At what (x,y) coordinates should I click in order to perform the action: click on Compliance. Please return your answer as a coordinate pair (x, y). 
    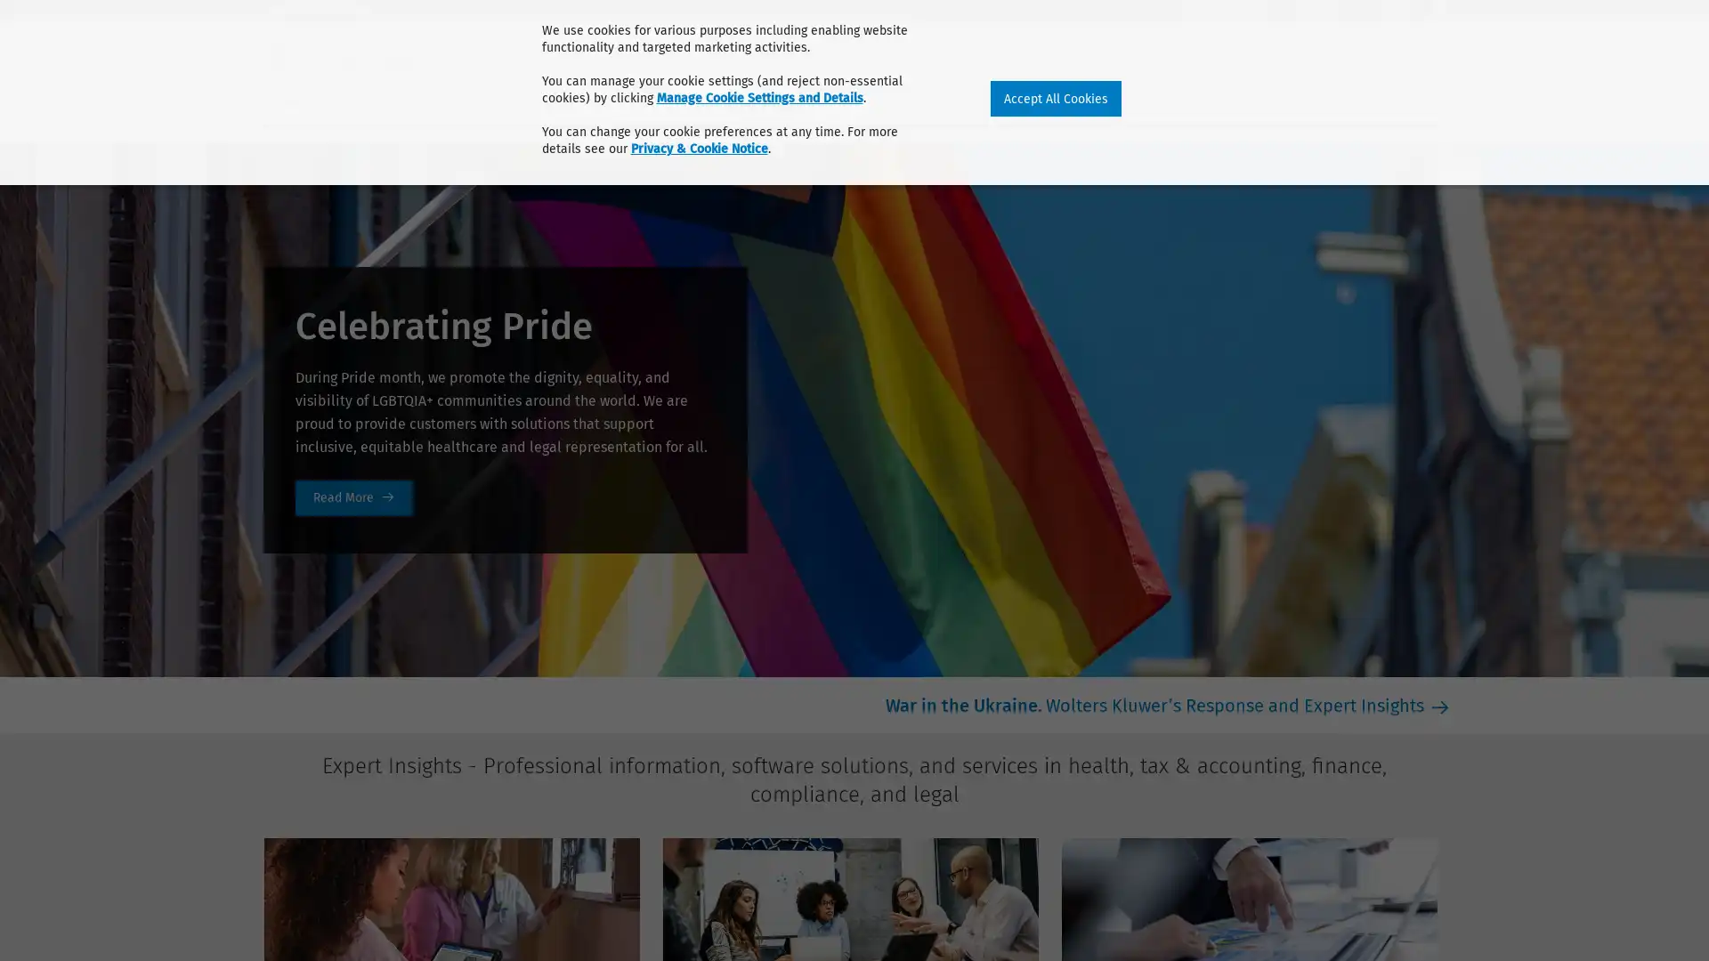
    Looking at the image, I should click on (675, 100).